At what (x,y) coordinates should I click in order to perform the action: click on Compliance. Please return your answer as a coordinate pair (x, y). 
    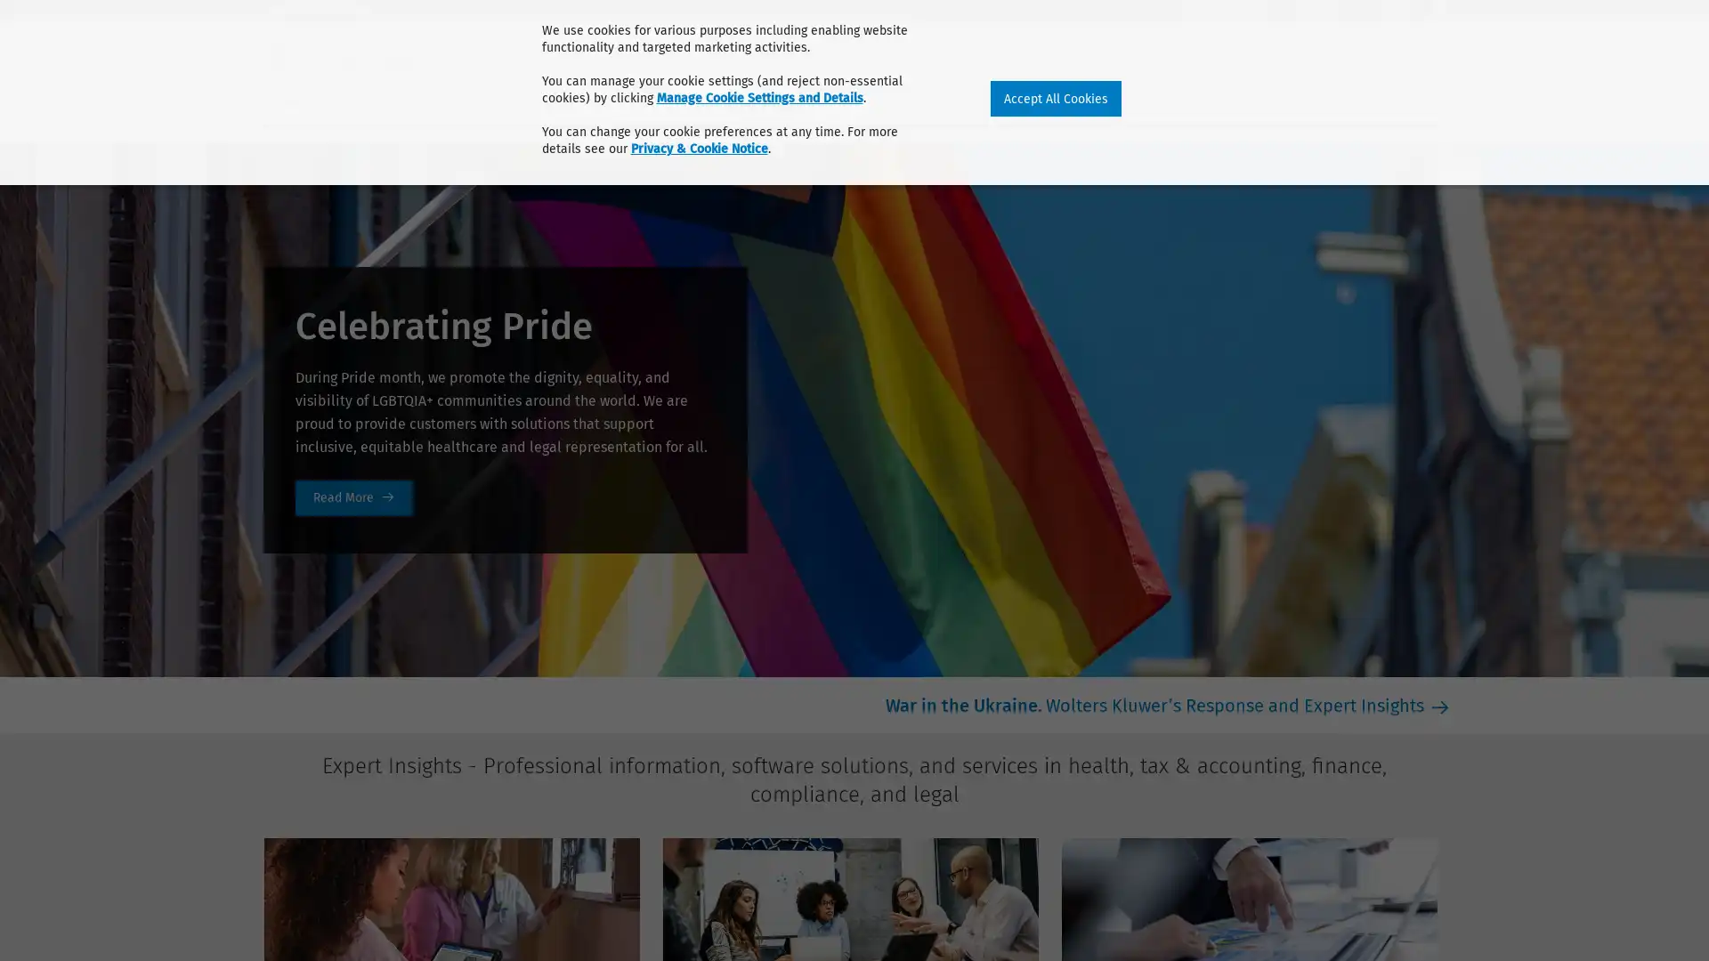
    Looking at the image, I should click on (675, 100).